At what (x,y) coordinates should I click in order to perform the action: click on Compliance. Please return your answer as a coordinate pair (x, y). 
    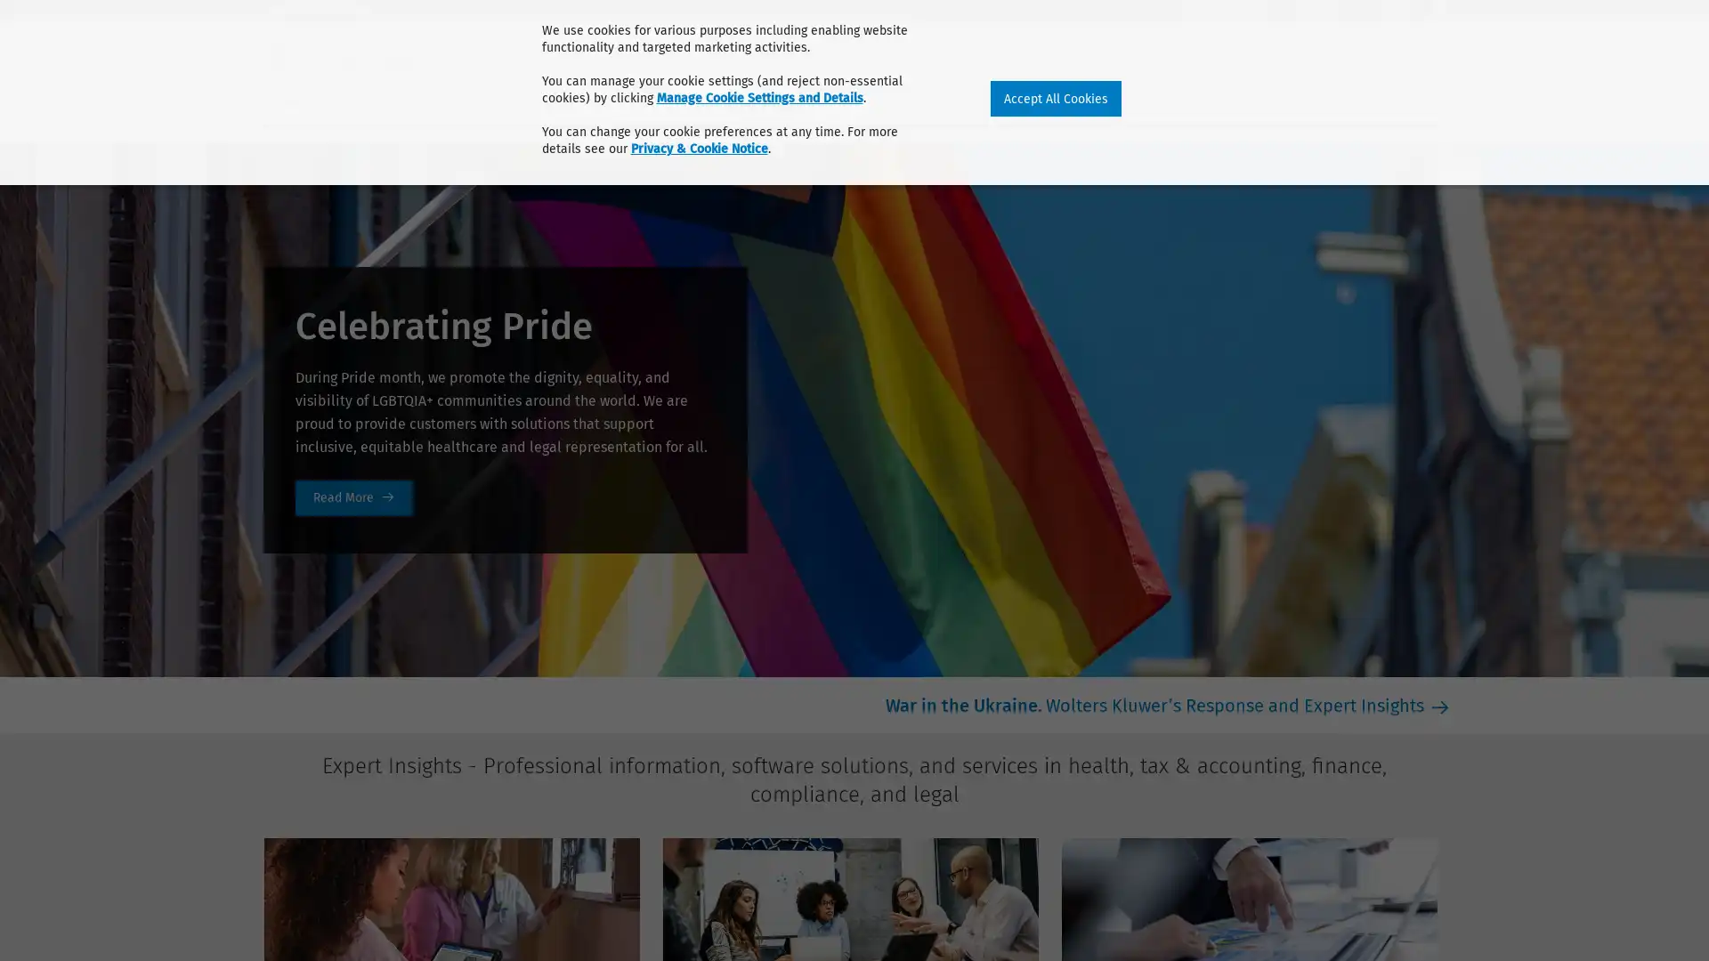
    Looking at the image, I should click on (675, 100).